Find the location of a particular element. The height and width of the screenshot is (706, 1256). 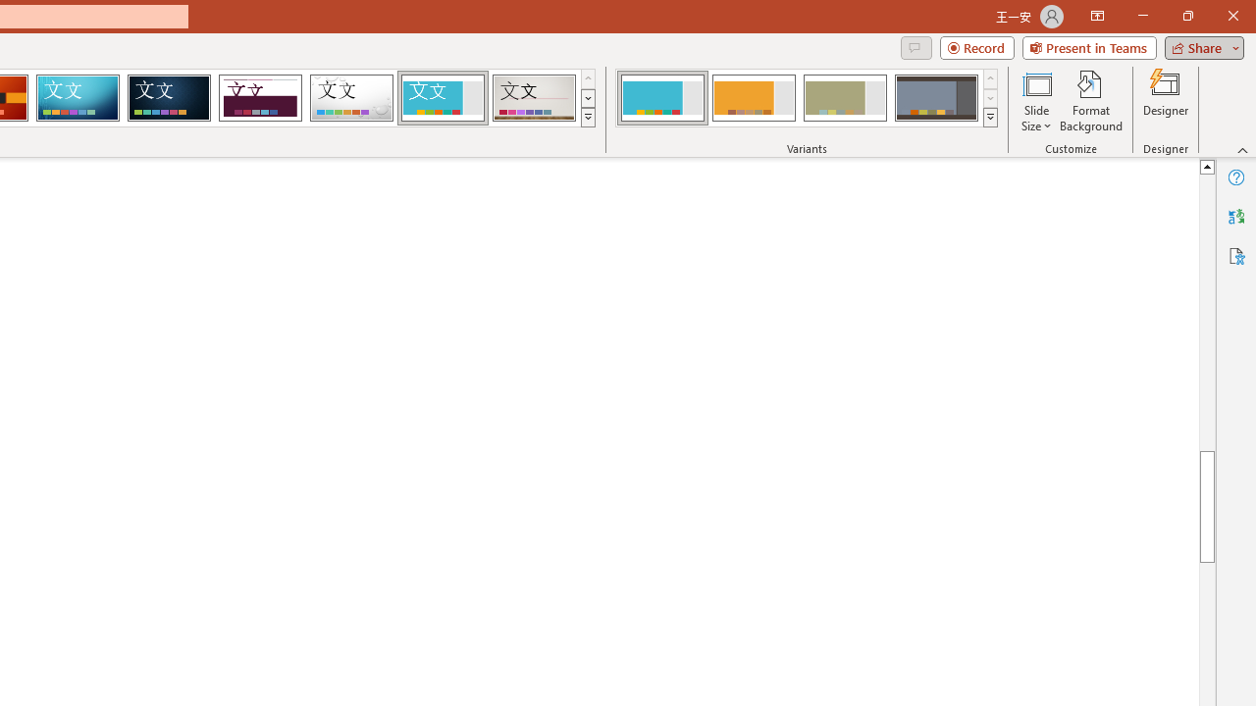

'Damask' is located at coordinates (169, 98).